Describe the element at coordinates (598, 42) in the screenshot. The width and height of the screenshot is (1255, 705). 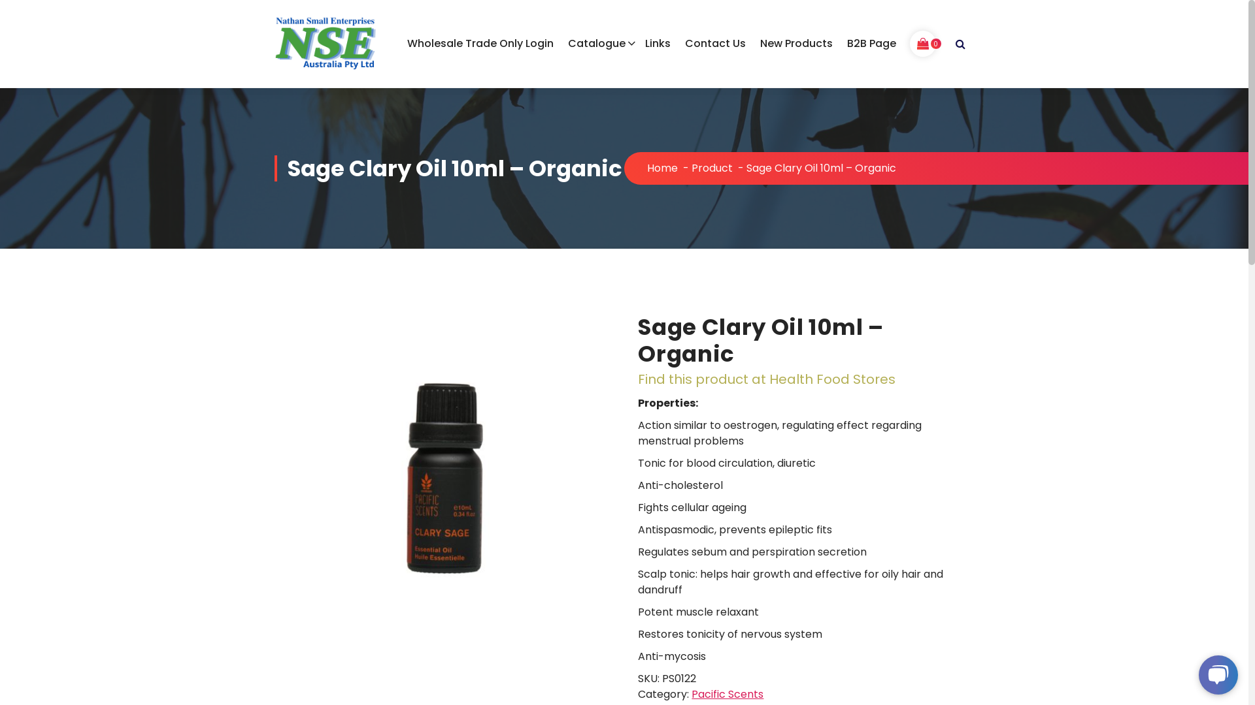
I see `'Catalogue'` at that location.